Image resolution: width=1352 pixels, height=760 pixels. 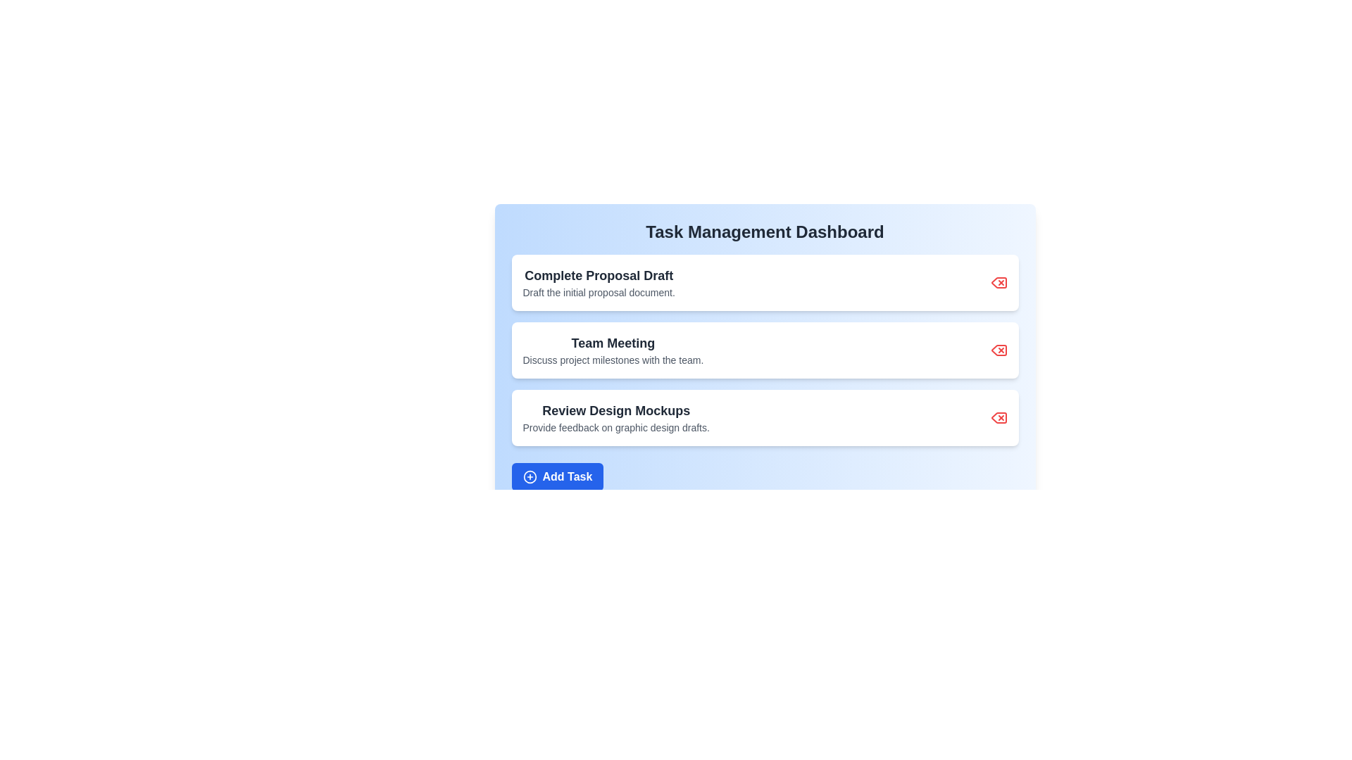 I want to click on the 'Add Task' button to add a new task, so click(x=557, y=476).